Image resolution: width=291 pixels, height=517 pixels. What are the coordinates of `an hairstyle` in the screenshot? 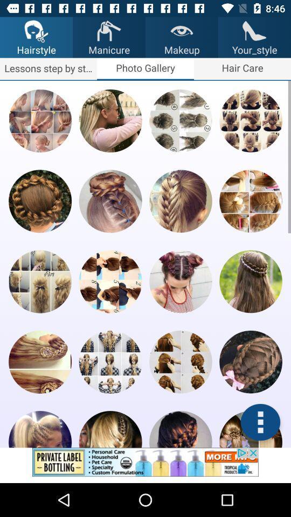 It's located at (110, 429).